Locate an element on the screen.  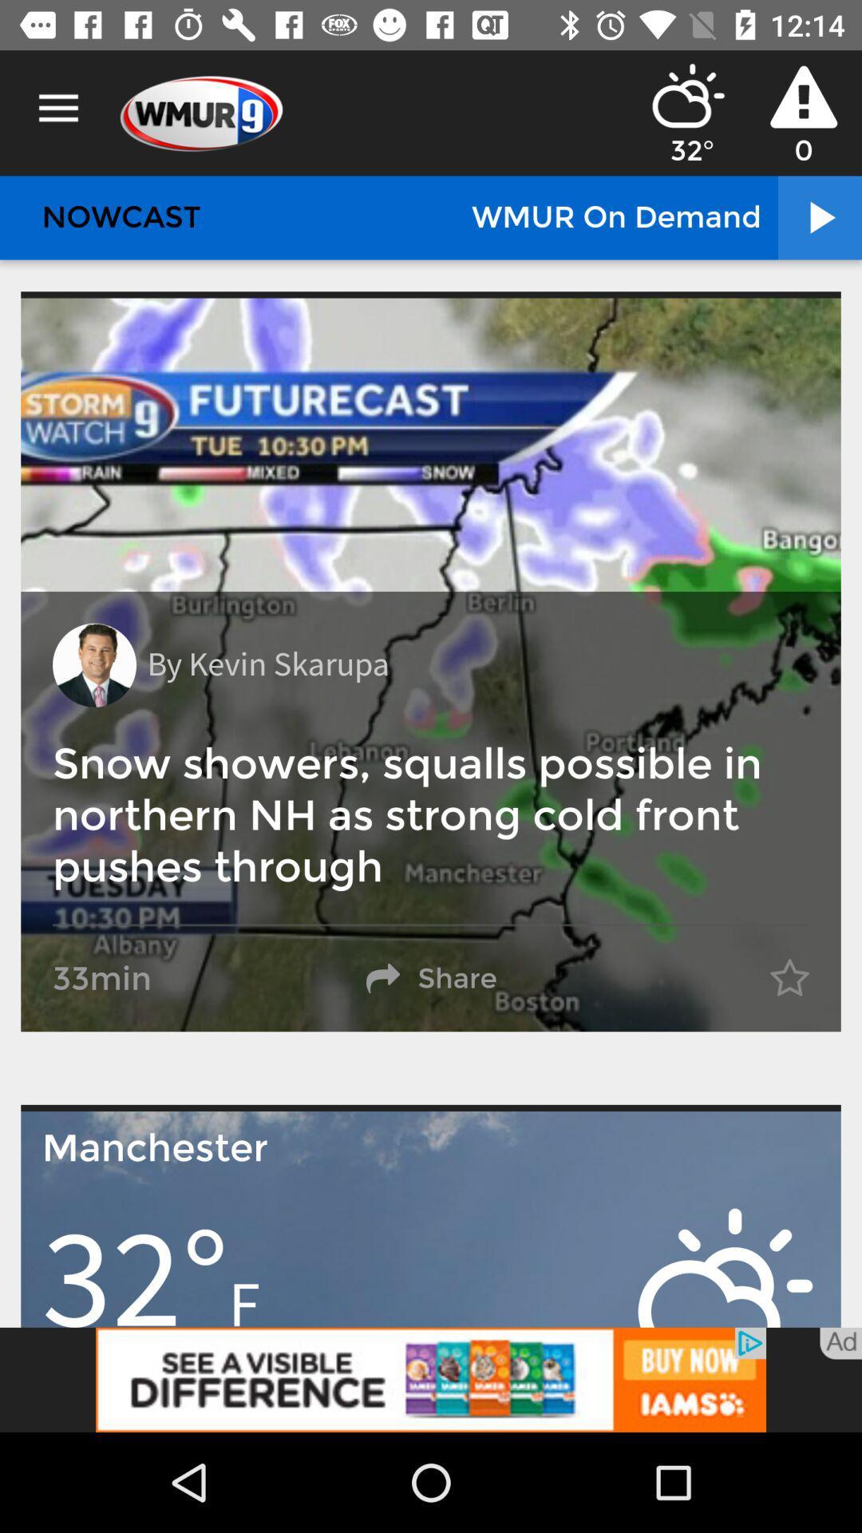
the menu icon is located at coordinates (57, 108).